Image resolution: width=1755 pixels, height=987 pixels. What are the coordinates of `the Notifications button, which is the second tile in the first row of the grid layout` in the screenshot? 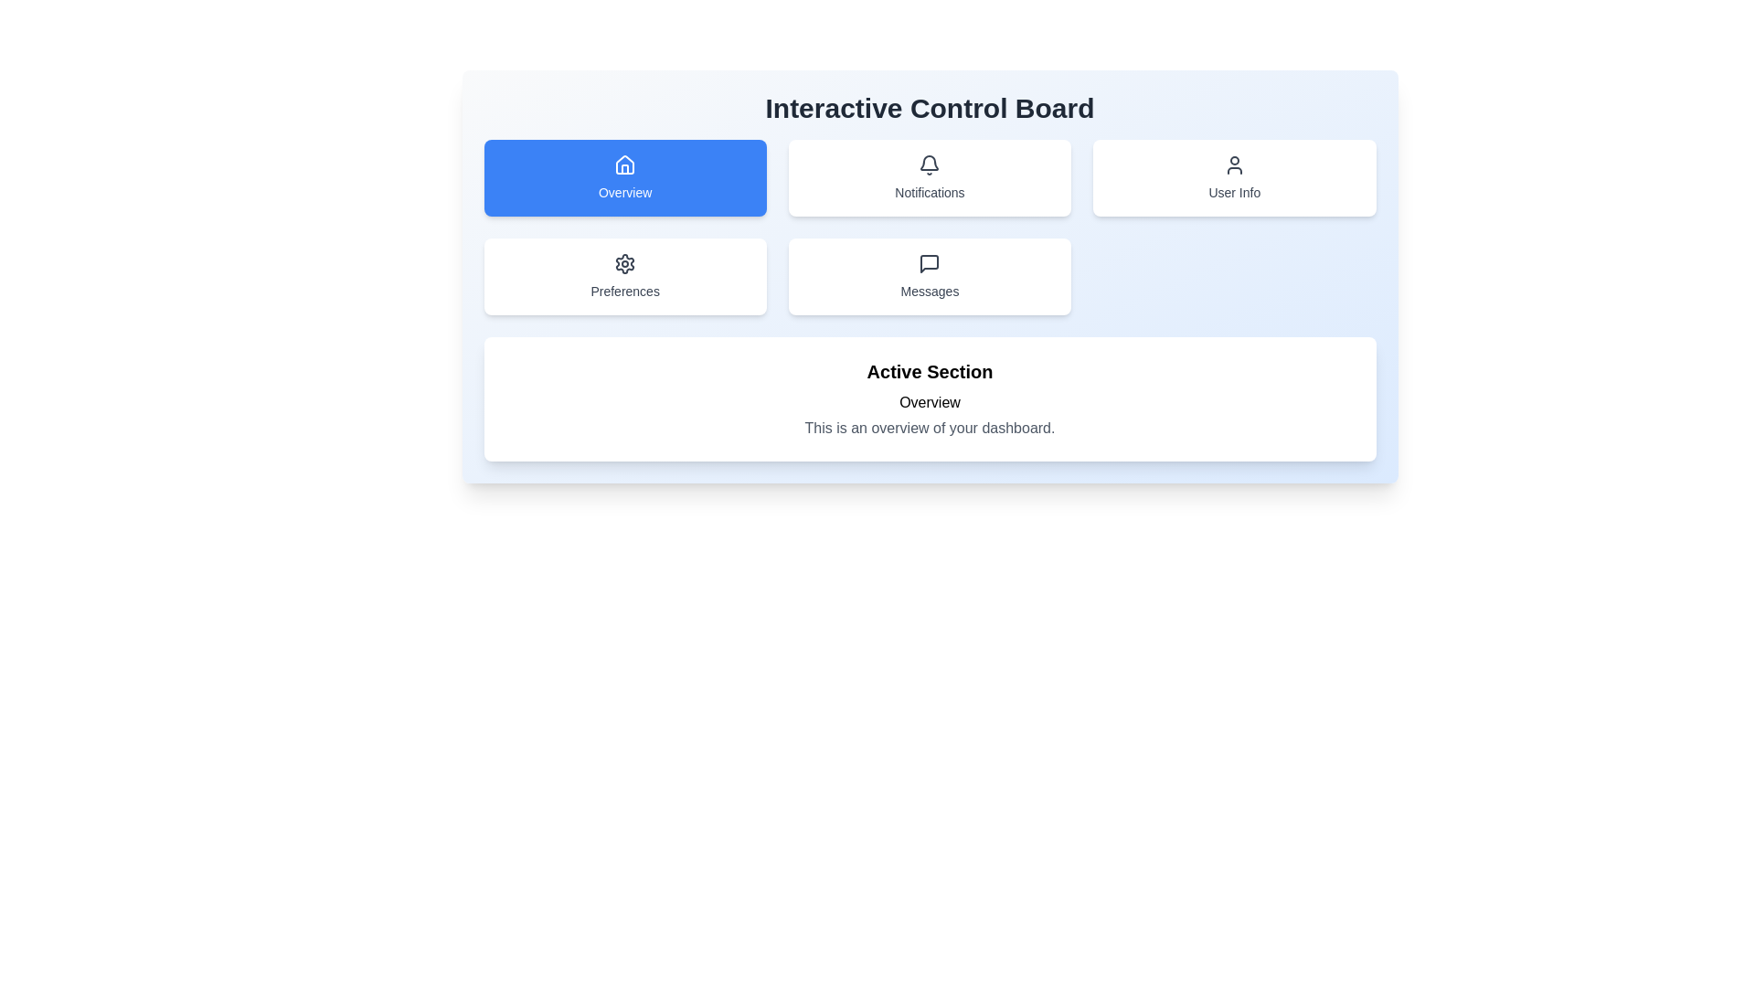 It's located at (930, 178).